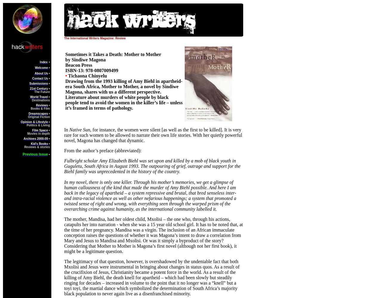 The height and width of the screenshot is (298, 373). I want to click on 'Movies in depth', so click(38, 133).